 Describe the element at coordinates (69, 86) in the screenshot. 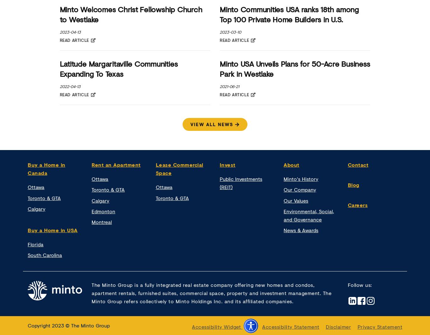

I see `'2022-04-13'` at that location.